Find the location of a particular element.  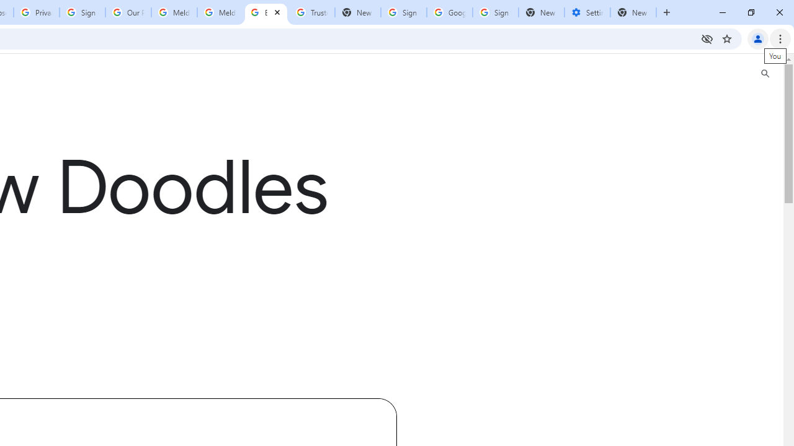

'Settings - Addresses and more' is located at coordinates (587, 12).